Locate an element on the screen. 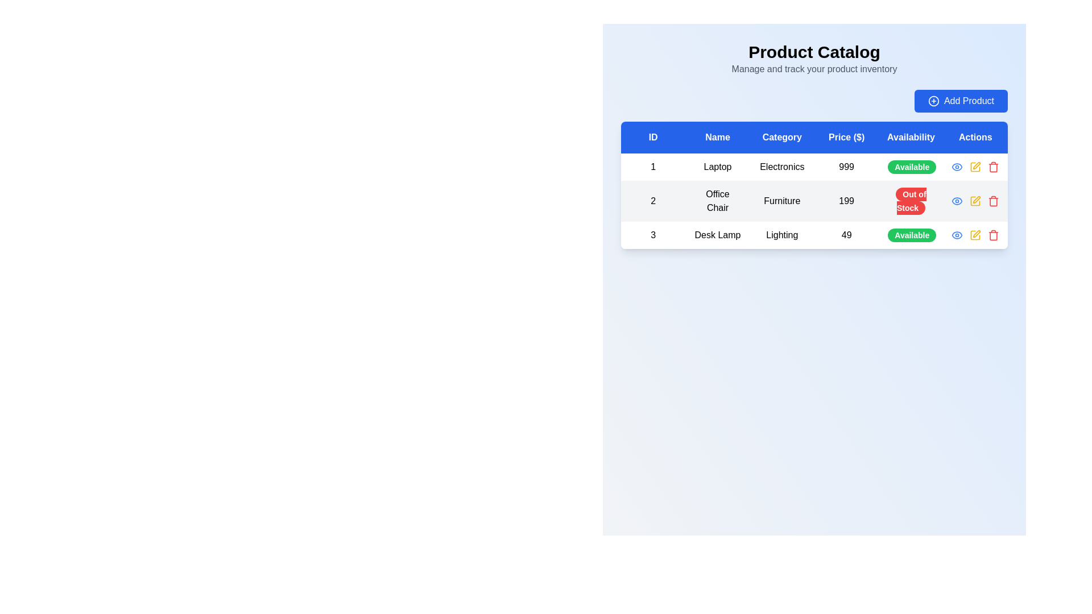  the Table Cell displaying 'Office Chair' in the second row of the product catalog table under the 'Name' column is located at coordinates (717, 201).